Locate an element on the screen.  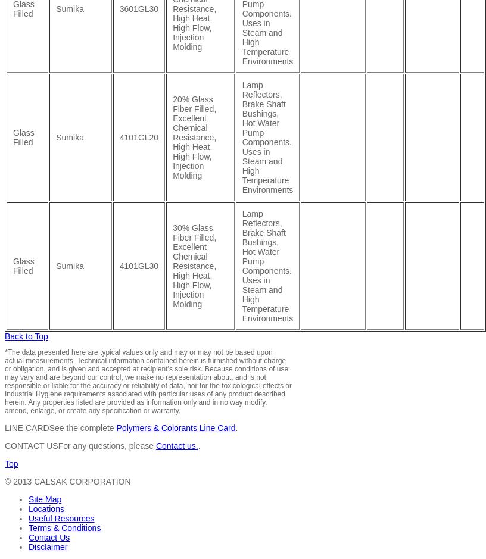
'Useful Resources' is located at coordinates (60, 517).